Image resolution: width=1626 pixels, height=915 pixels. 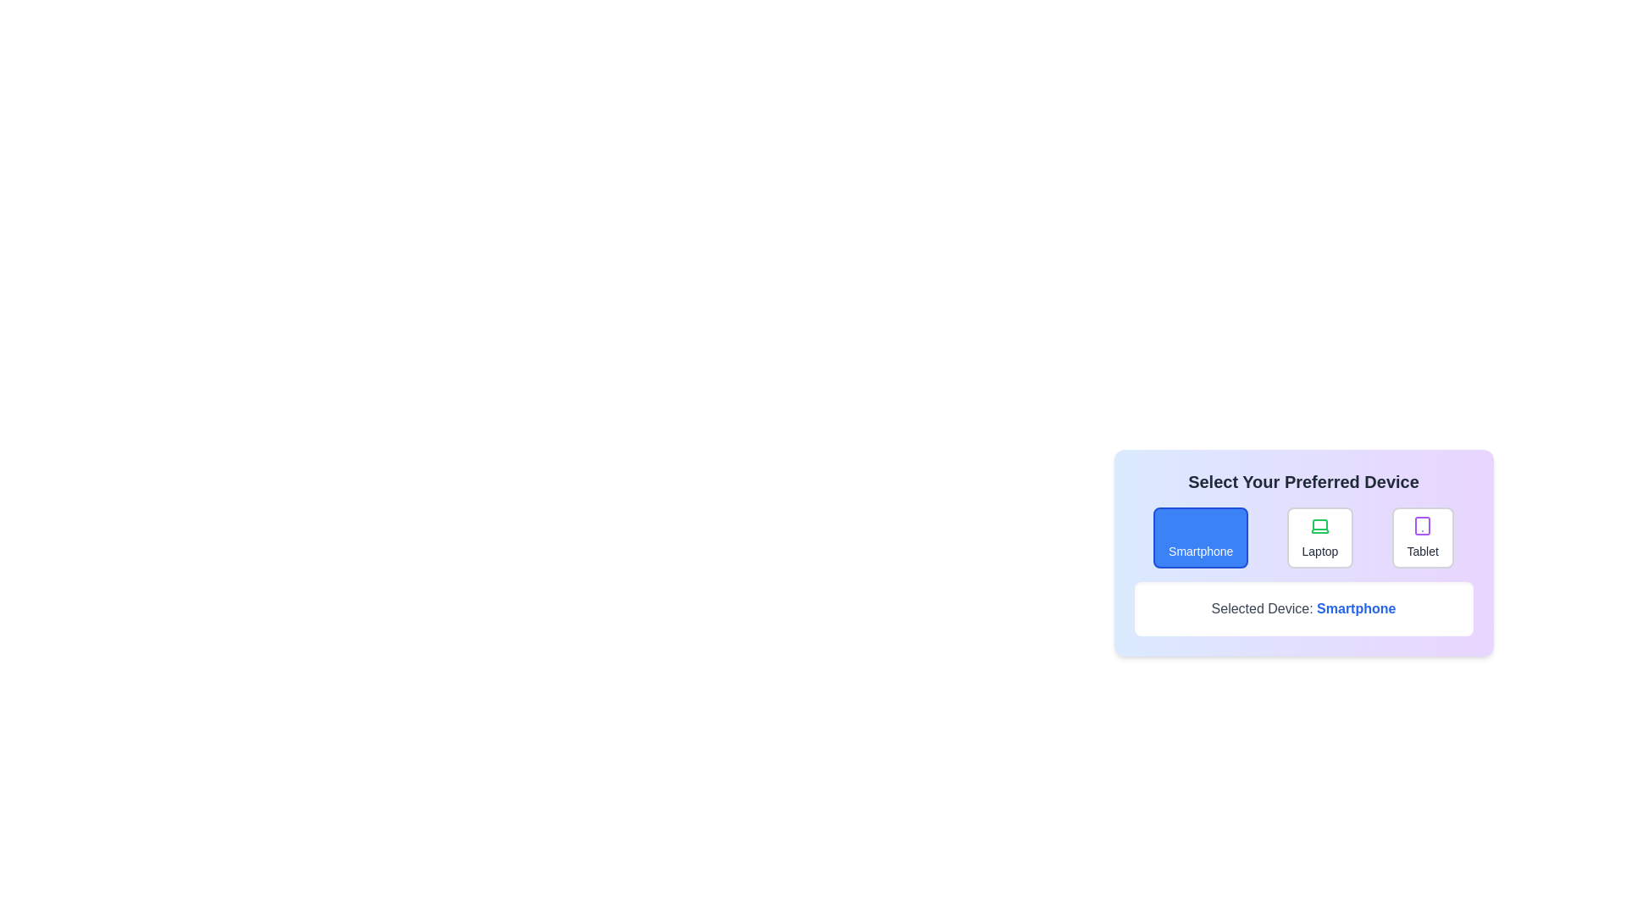 What do you see at coordinates (1319, 538) in the screenshot?
I see `the 'Laptop' button, which is the second button in a group of three, to trigger its animation` at bounding box center [1319, 538].